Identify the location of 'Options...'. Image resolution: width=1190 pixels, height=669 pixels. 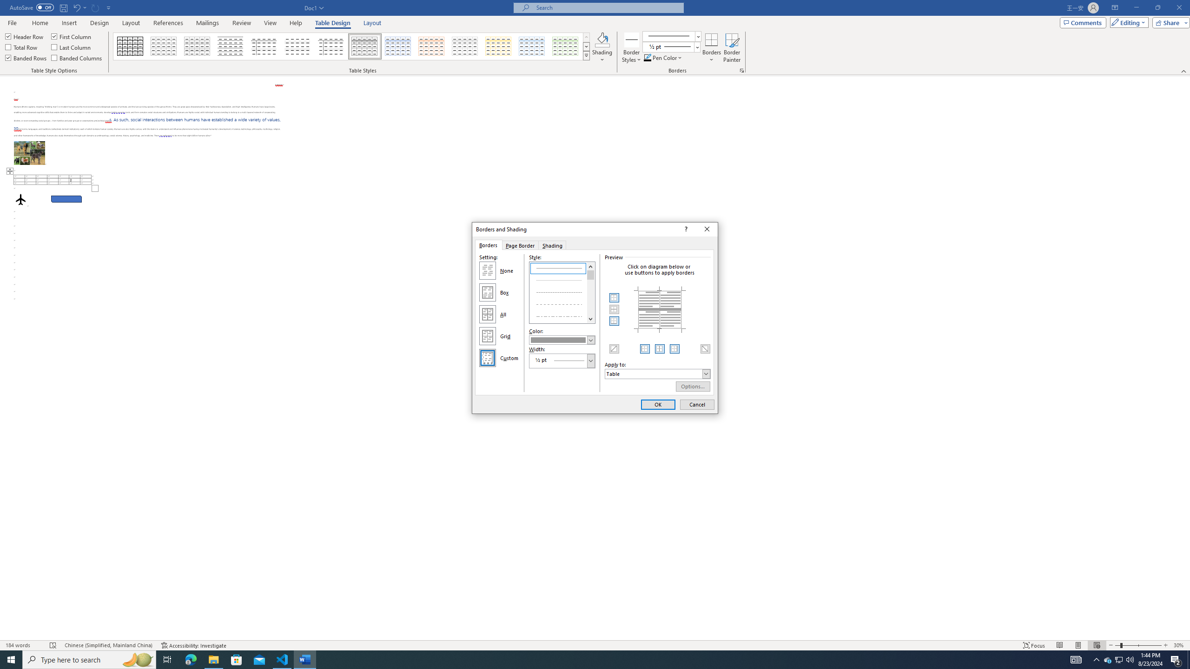
(693, 386).